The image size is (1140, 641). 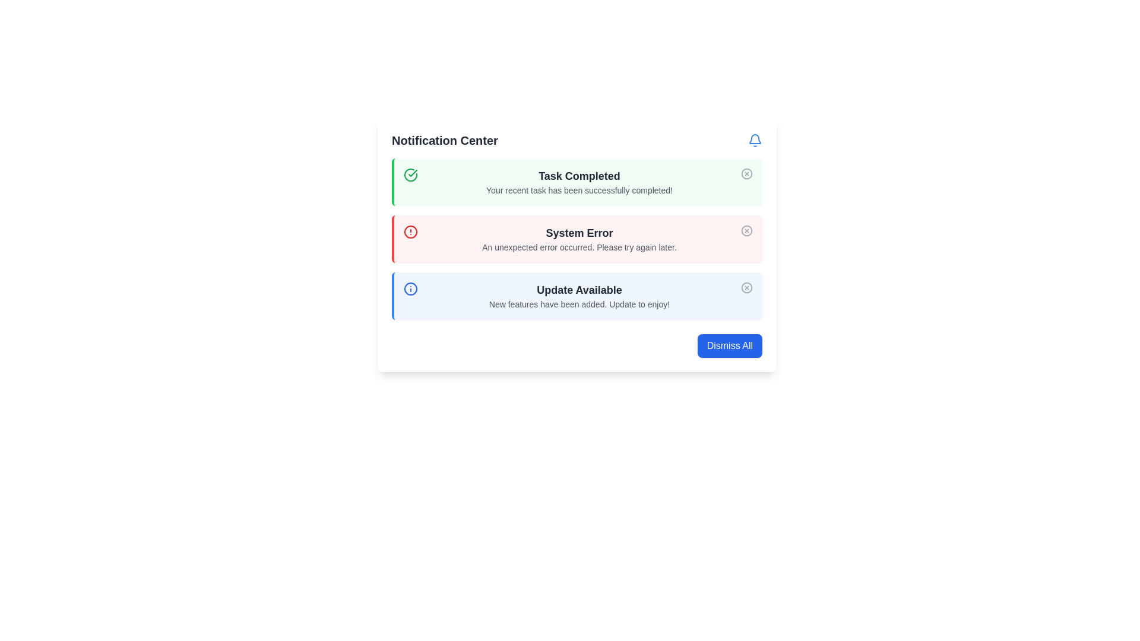 I want to click on the small circular information alert icon with a blue fill, located at the start of the 'Update Available' notification panel in the third row, so click(x=410, y=288).